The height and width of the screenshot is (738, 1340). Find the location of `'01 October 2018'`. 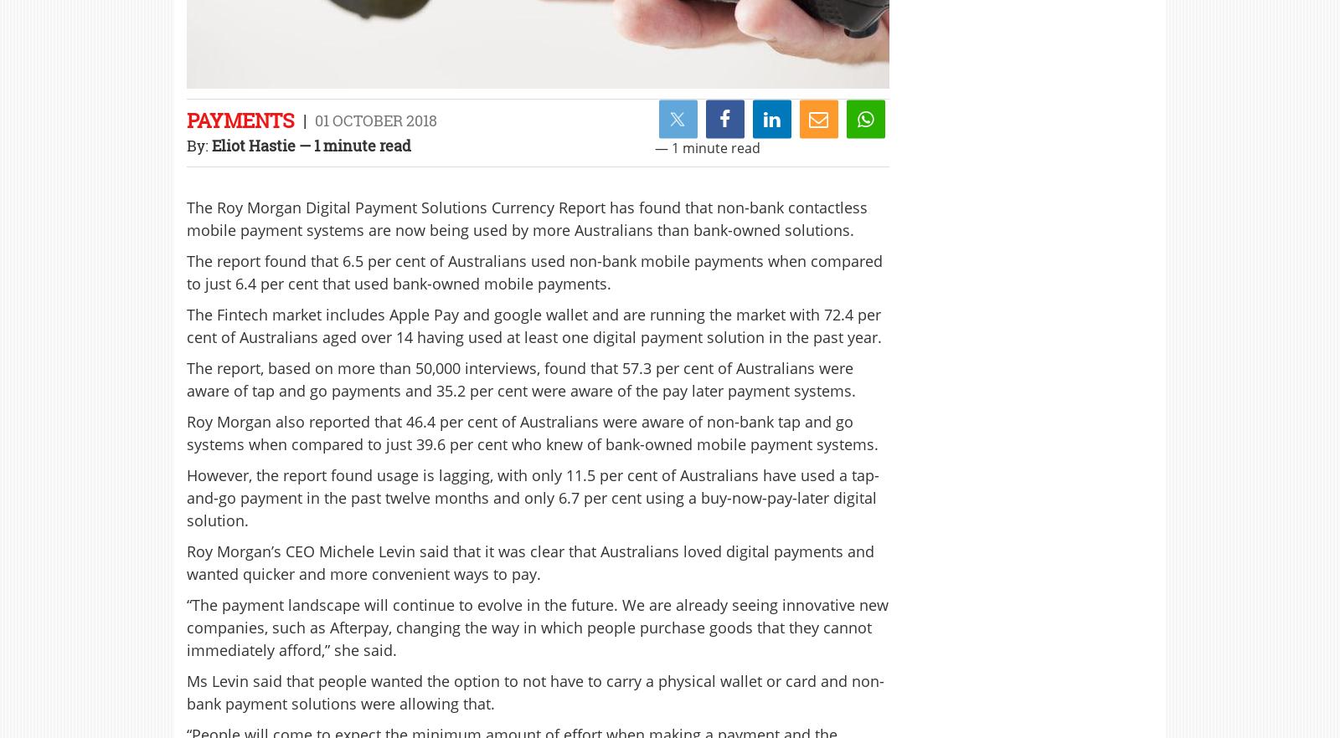

'01 October 2018' is located at coordinates (374, 120).